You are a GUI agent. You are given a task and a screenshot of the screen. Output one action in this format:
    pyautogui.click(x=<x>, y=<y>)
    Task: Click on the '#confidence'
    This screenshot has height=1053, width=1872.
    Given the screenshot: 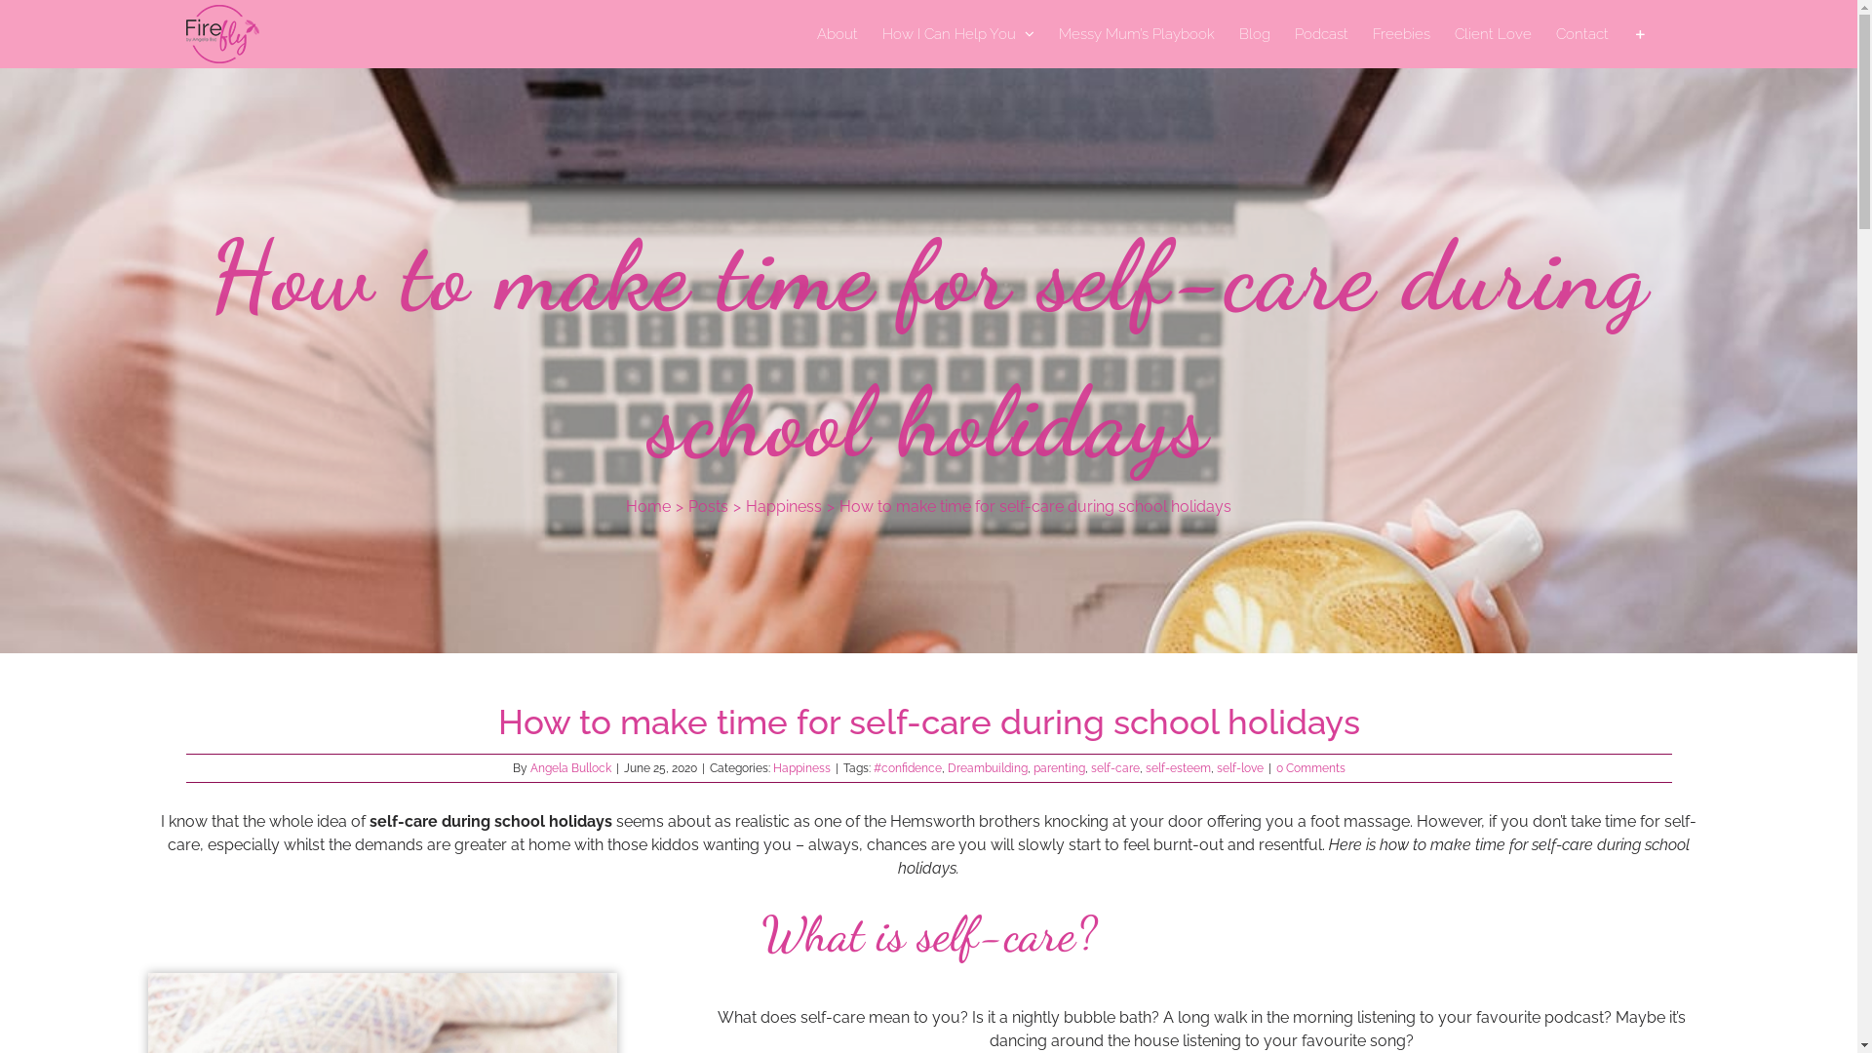 What is the action you would take?
    pyautogui.click(x=873, y=766)
    